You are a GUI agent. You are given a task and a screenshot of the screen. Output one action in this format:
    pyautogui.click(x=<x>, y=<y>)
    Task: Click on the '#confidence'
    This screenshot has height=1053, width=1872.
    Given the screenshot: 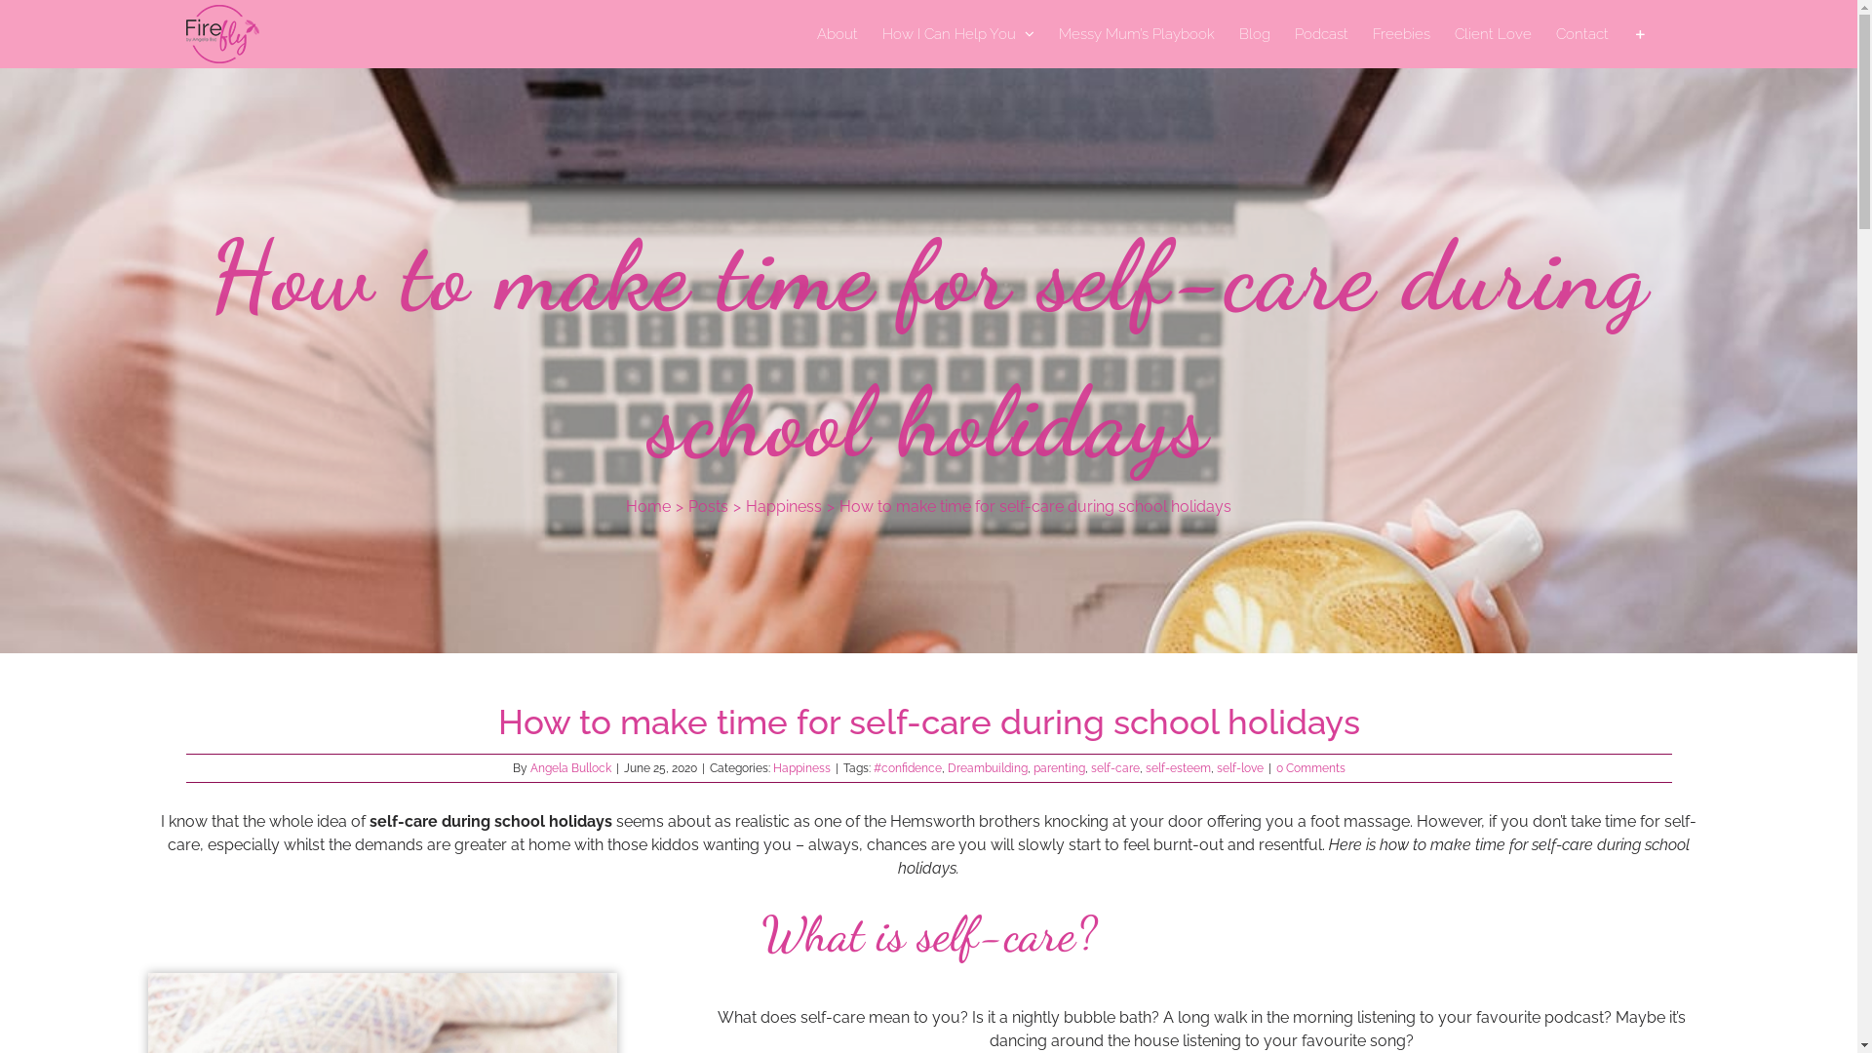 What is the action you would take?
    pyautogui.click(x=873, y=766)
    